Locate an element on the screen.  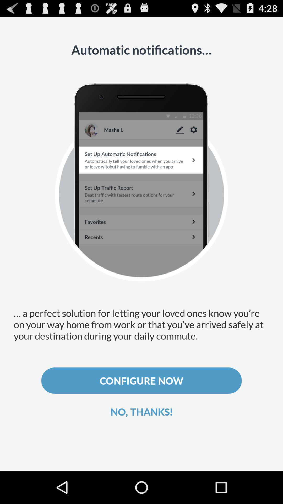
icon below the a perfect solution is located at coordinates (141, 381).